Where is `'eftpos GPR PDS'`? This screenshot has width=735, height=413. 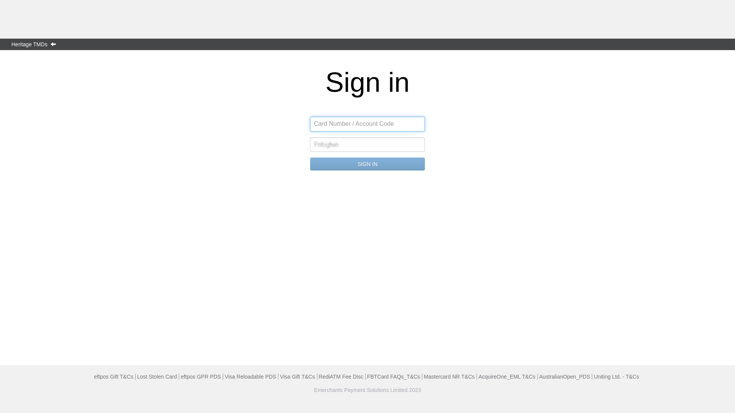 'eftpos GPR PDS' is located at coordinates (201, 376).